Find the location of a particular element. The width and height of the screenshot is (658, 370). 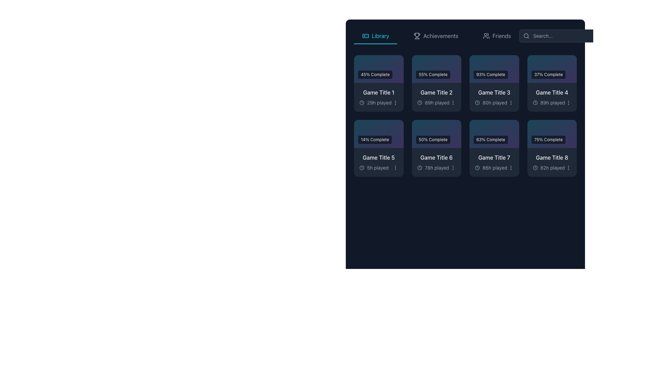

the card labeled 'Game Title 5' that contains the text '5h played' with a clock icon, located at the lower left of the card is located at coordinates (374, 168).